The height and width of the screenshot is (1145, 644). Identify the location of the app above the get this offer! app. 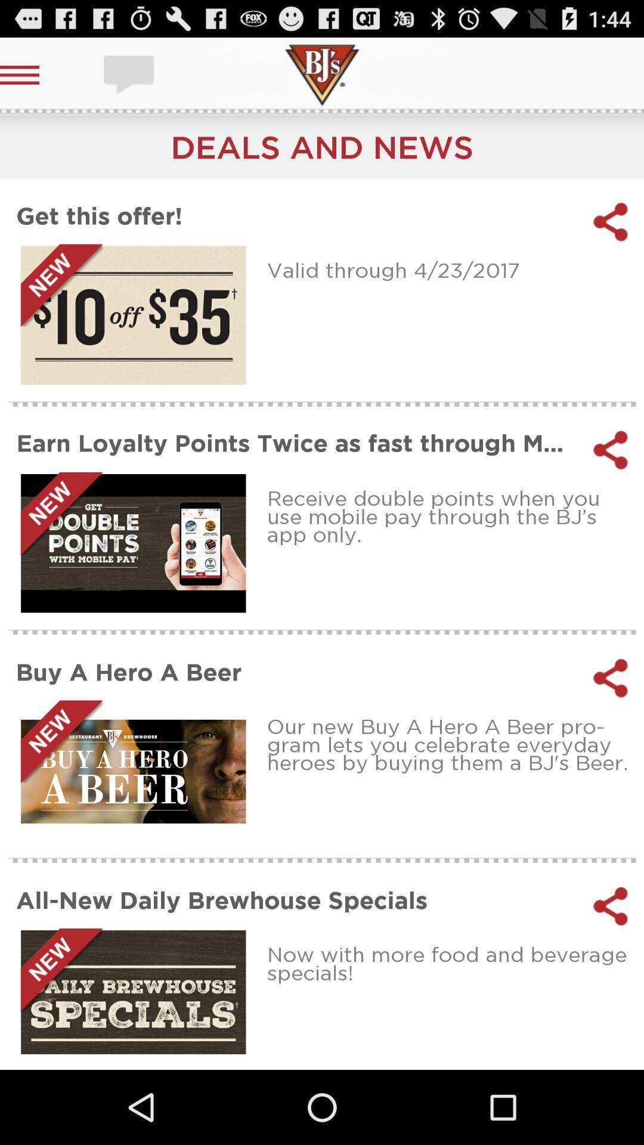
(322, 146).